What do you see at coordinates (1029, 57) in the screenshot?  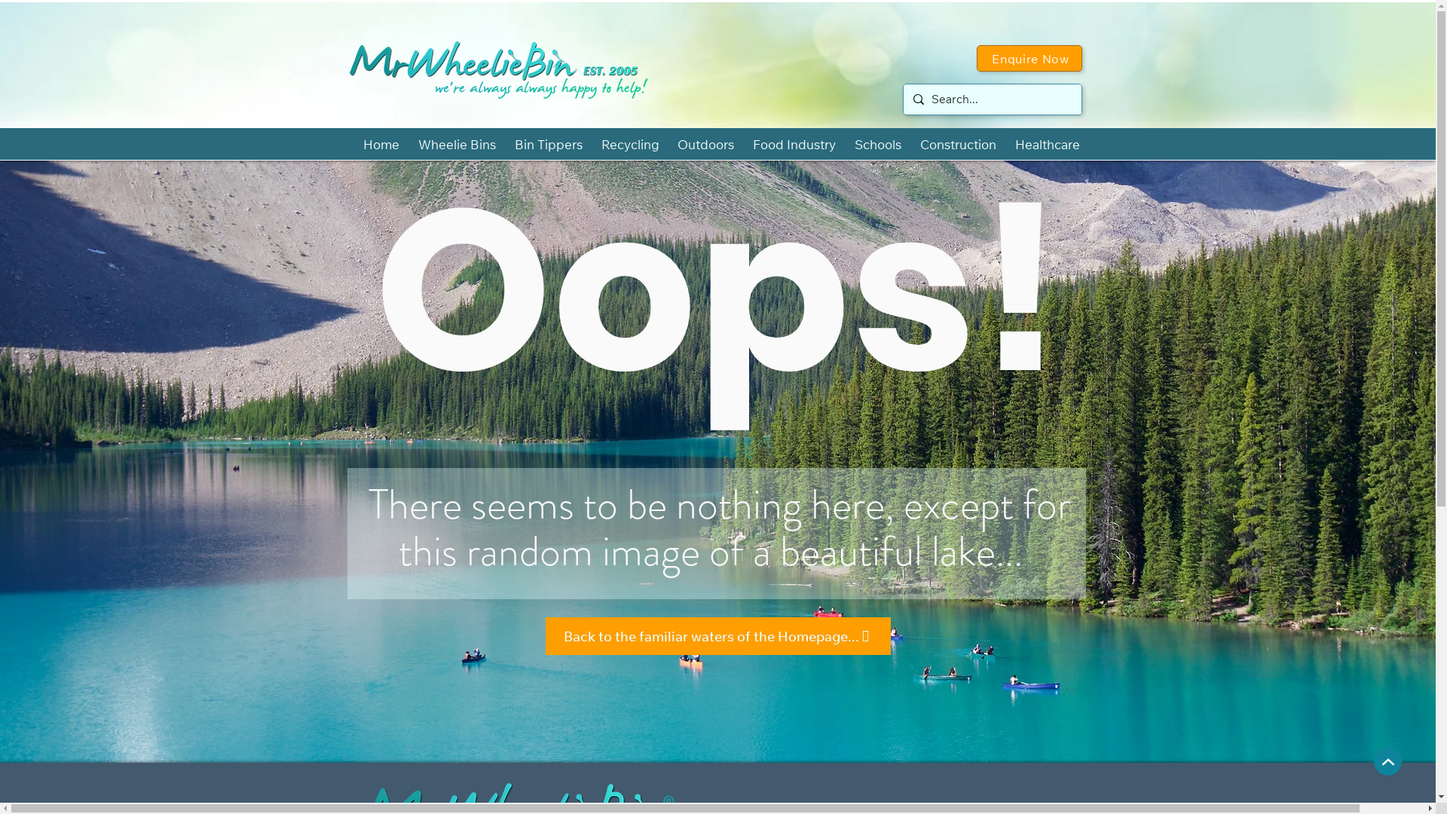 I see `'Enquire Now'` at bounding box center [1029, 57].